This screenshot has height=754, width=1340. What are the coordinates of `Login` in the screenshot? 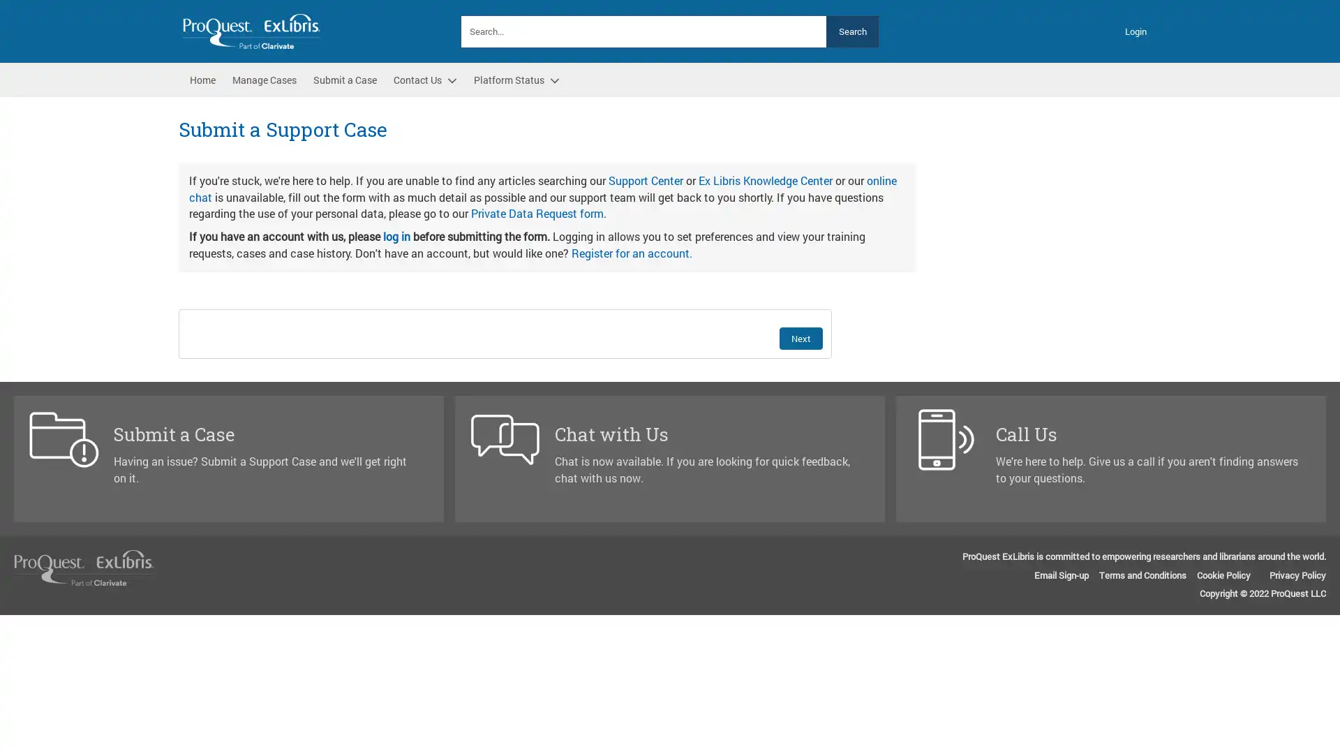 It's located at (1136, 31).